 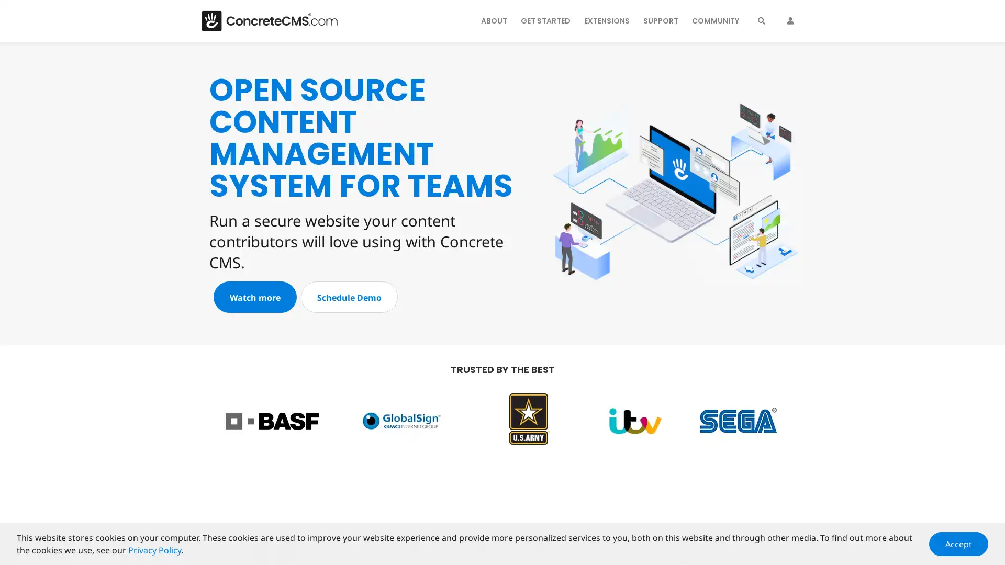 What do you see at coordinates (958, 544) in the screenshot?
I see `Accept` at bounding box center [958, 544].